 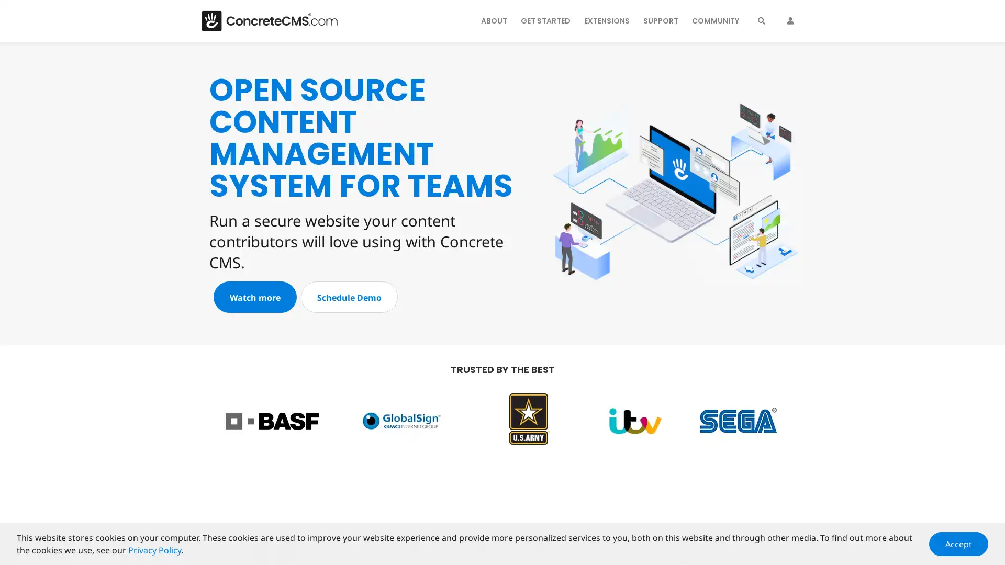 What do you see at coordinates (958, 544) in the screenshot?
I see `Accept` at bounding box center [958, 544].